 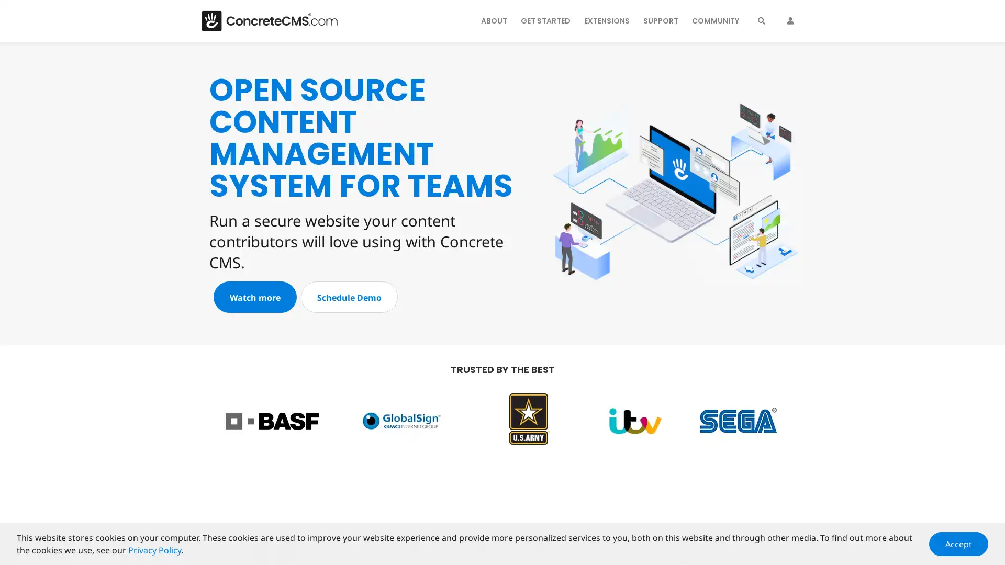 What do you see at coordinates (958, 544) in the screenshot?
I see `Accept` at bounding box center [958, 544].